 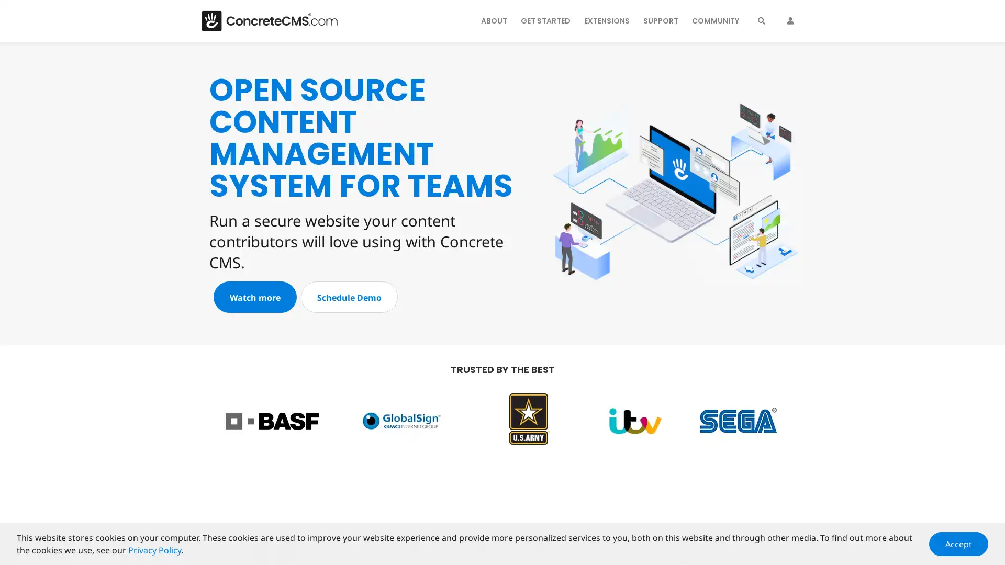 What do you see at coordinates (958, 544) in the screenshot?
I see `Accept` at bounding box center [958, 544].